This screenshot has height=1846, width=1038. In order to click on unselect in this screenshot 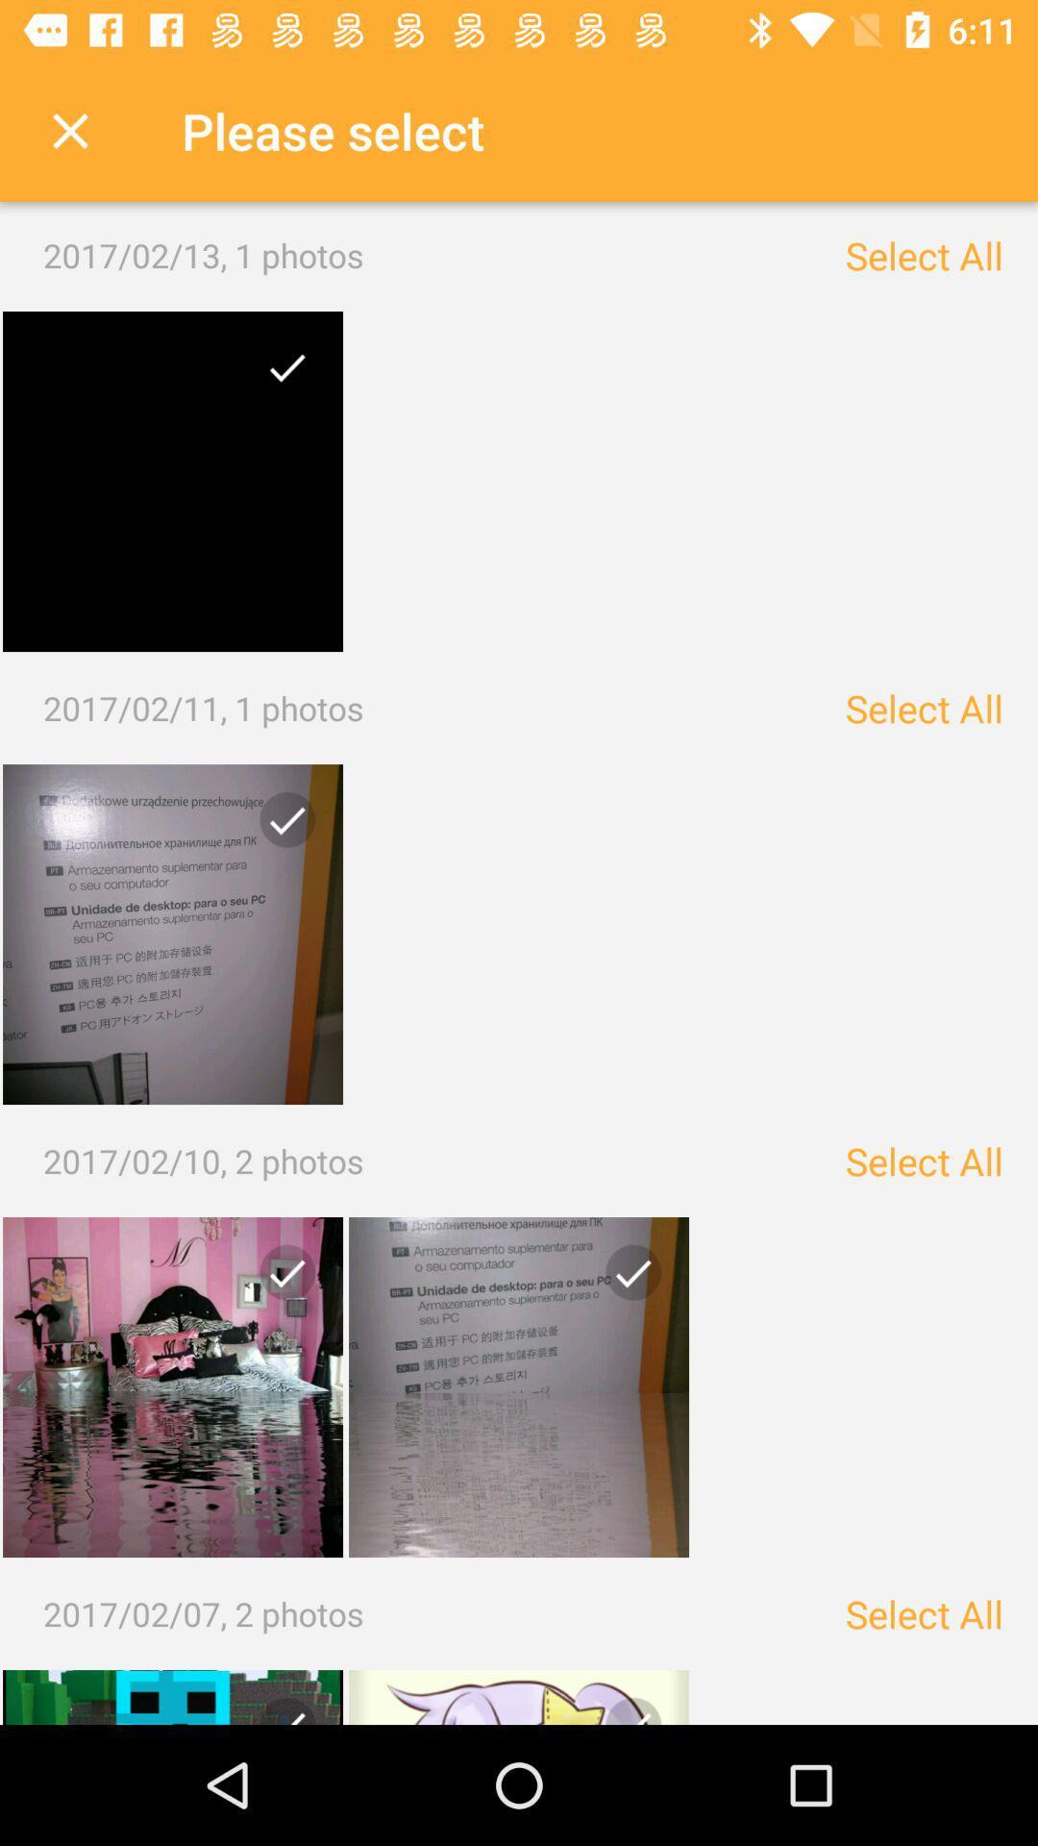, I will do `click(280, 1280)`.